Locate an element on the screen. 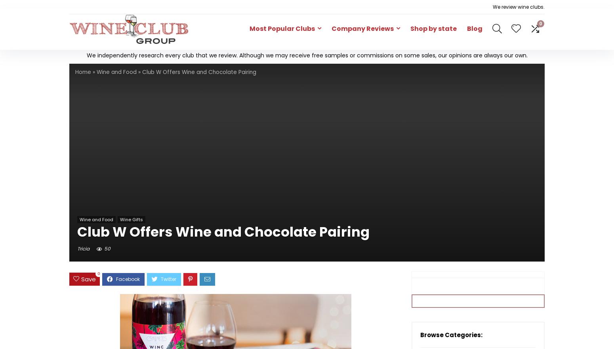 This screenshot has height=349, width=614. 'Blog' is located at coordinates (475, 28).